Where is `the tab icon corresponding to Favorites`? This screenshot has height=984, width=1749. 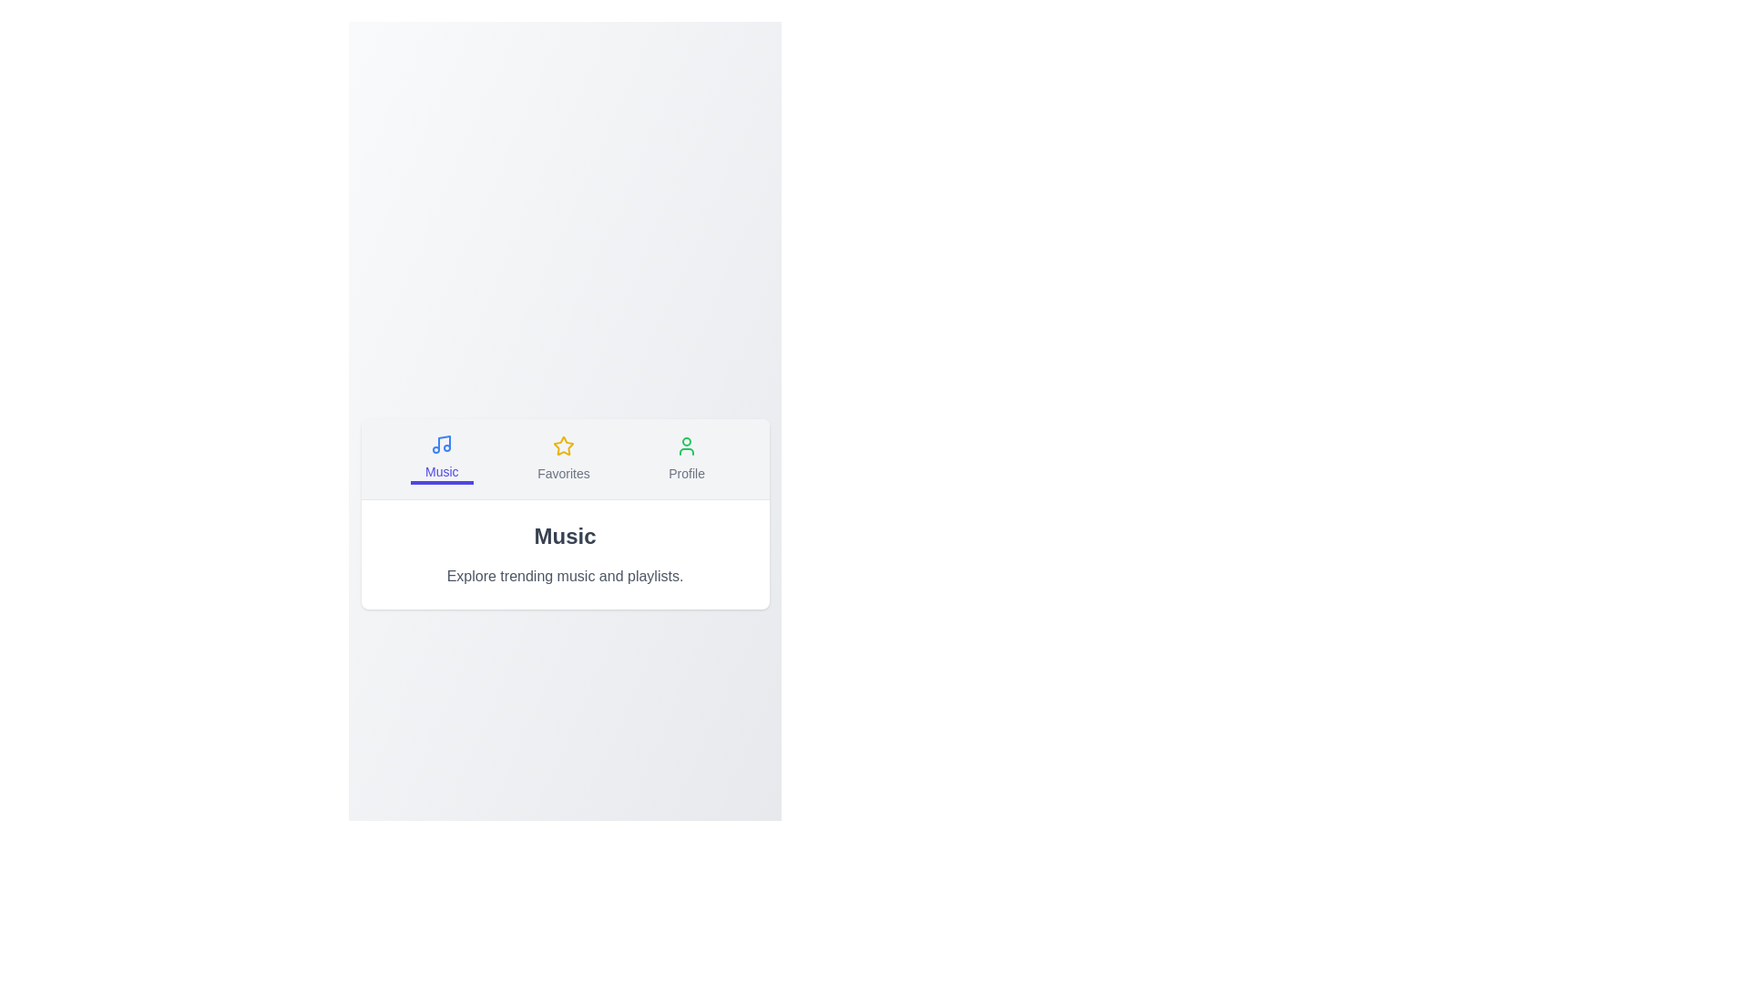 the tab icon corresponding to Favorites is located at coordinates (562, 457).